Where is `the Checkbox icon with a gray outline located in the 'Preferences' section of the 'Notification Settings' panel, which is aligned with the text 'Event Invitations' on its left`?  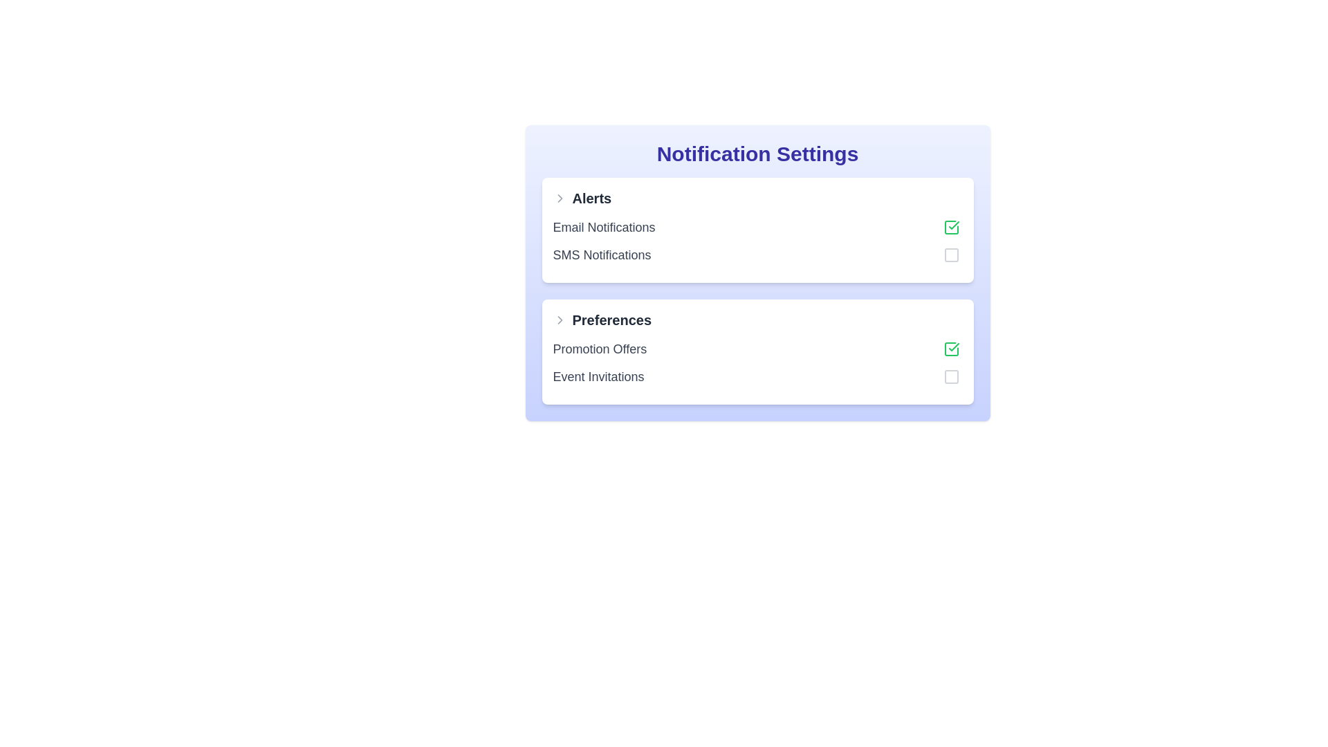
the Checkbox icon with a gray outline located in the 'Preferences' section of the 'Notification Settings' panel, which is aligned with the text 'Event Invitations' on its left is located at coordinates (950, 376).